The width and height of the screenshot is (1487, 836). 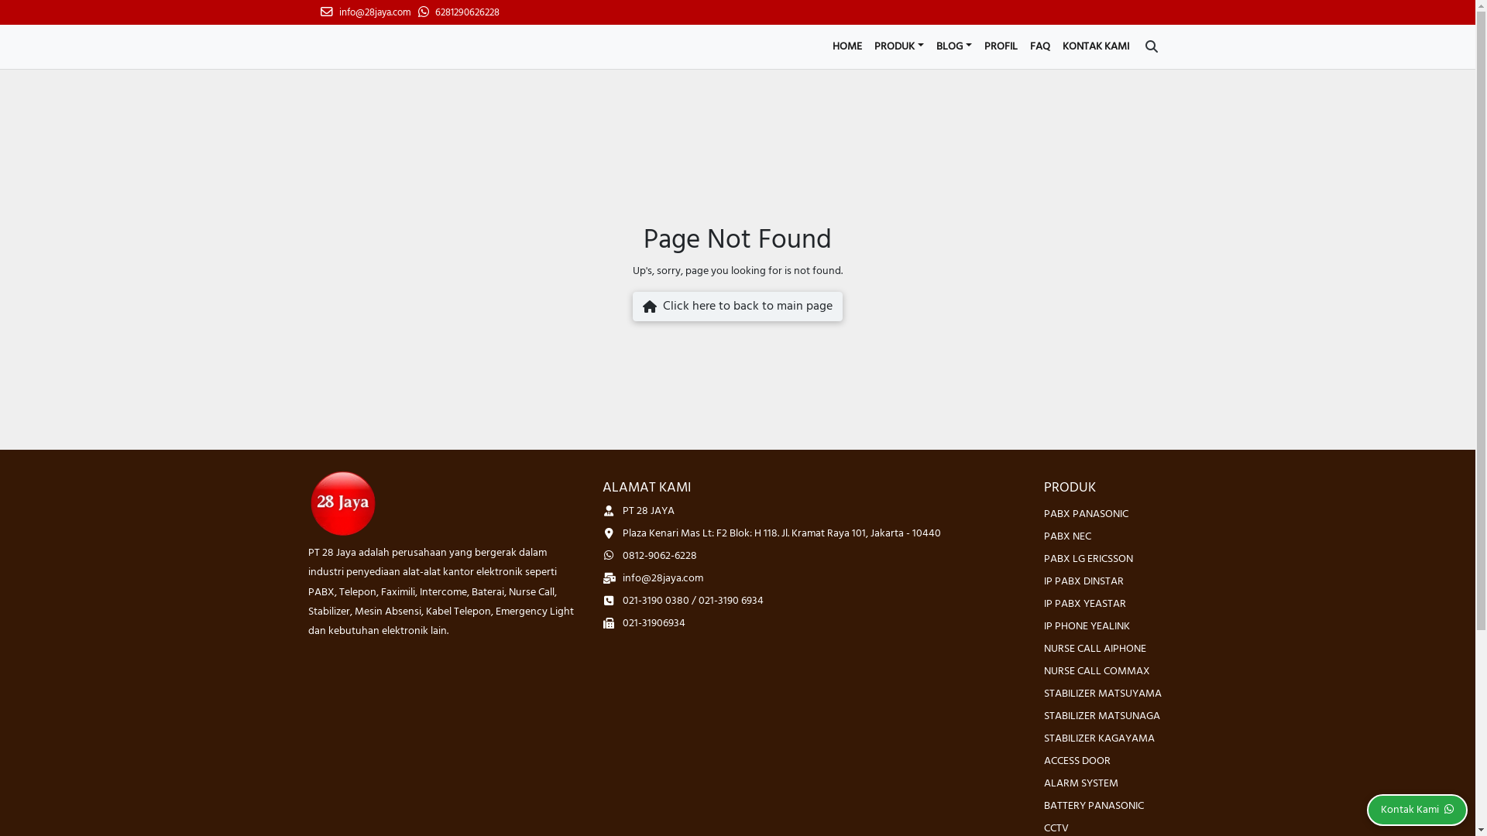 What do you see at coordinates (1085, 514) in the screenshot?
I see `'PABX PANASONIC'` at bounding box center [1085, 514].